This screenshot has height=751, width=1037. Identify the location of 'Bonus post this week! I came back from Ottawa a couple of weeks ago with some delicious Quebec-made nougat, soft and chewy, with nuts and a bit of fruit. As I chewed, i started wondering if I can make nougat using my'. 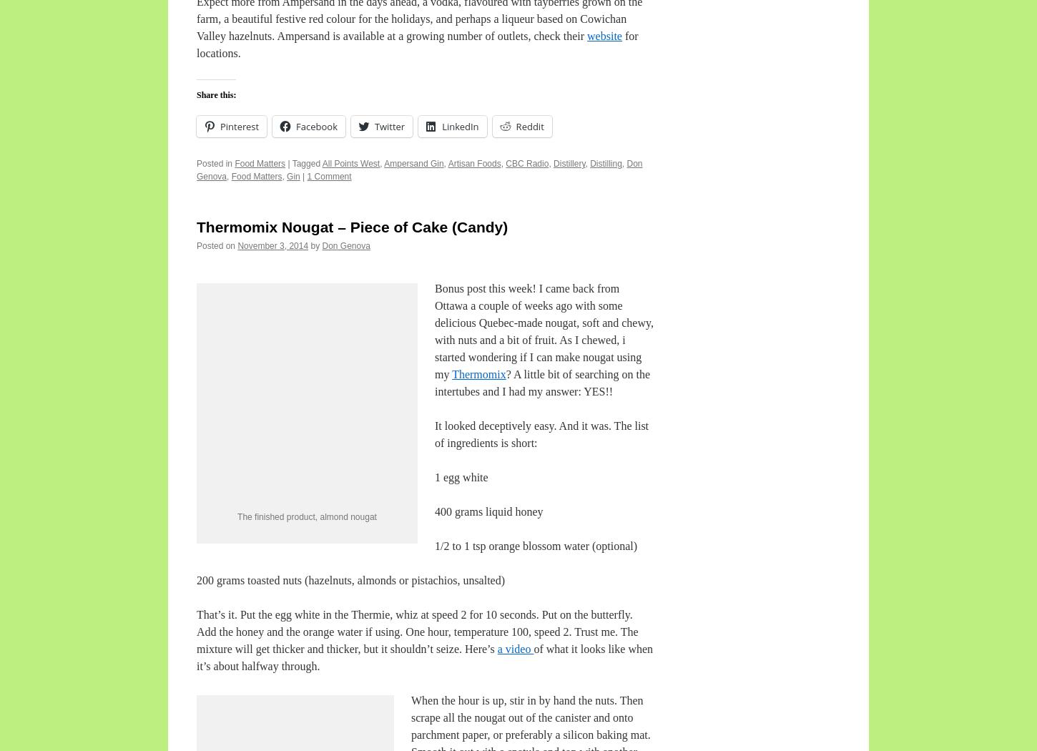
(433, 330).